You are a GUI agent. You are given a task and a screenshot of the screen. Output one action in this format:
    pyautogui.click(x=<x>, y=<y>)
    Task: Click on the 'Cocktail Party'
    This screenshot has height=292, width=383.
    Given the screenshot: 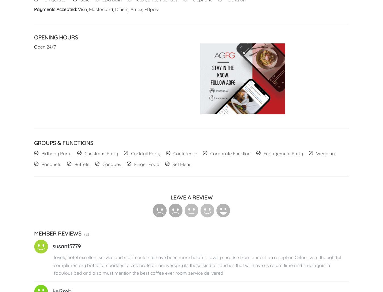 What is the action you would take?
    pyautogui.click(x=145, y=153)
    